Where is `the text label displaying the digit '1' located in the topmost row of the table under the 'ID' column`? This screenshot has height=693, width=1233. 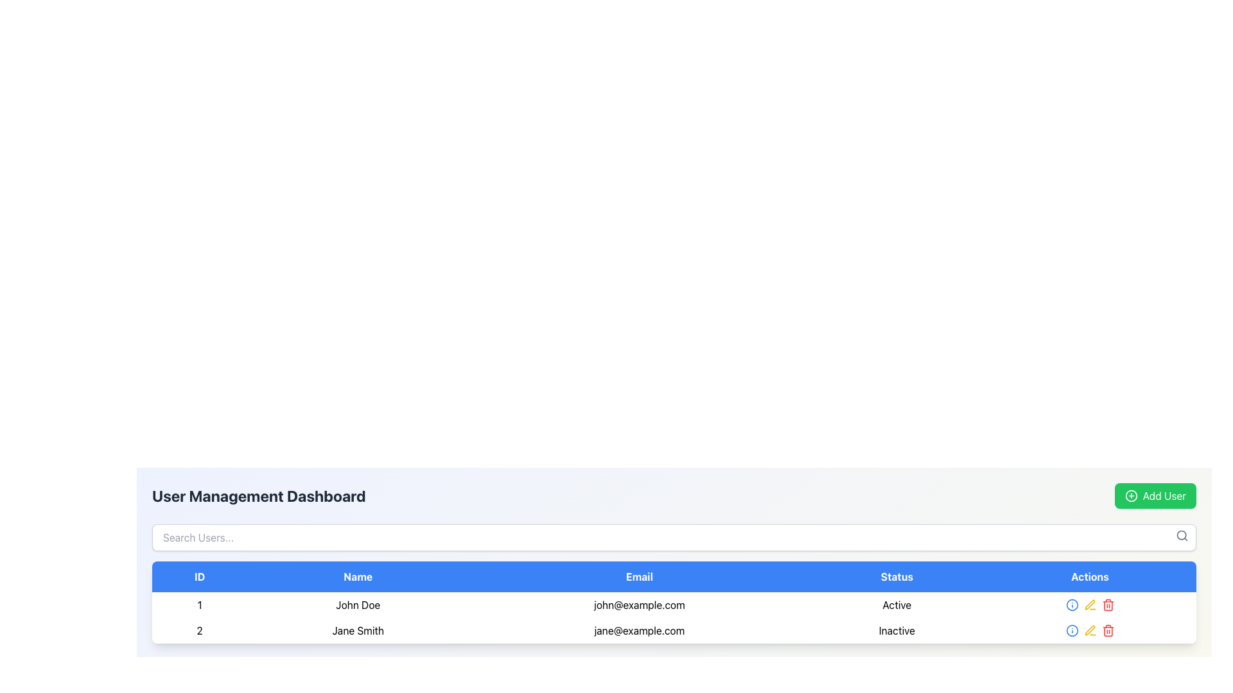 the text label displaying the digit '1' located in the topmost row of the table under the 'ID' column is located at coordinates (199, 604).